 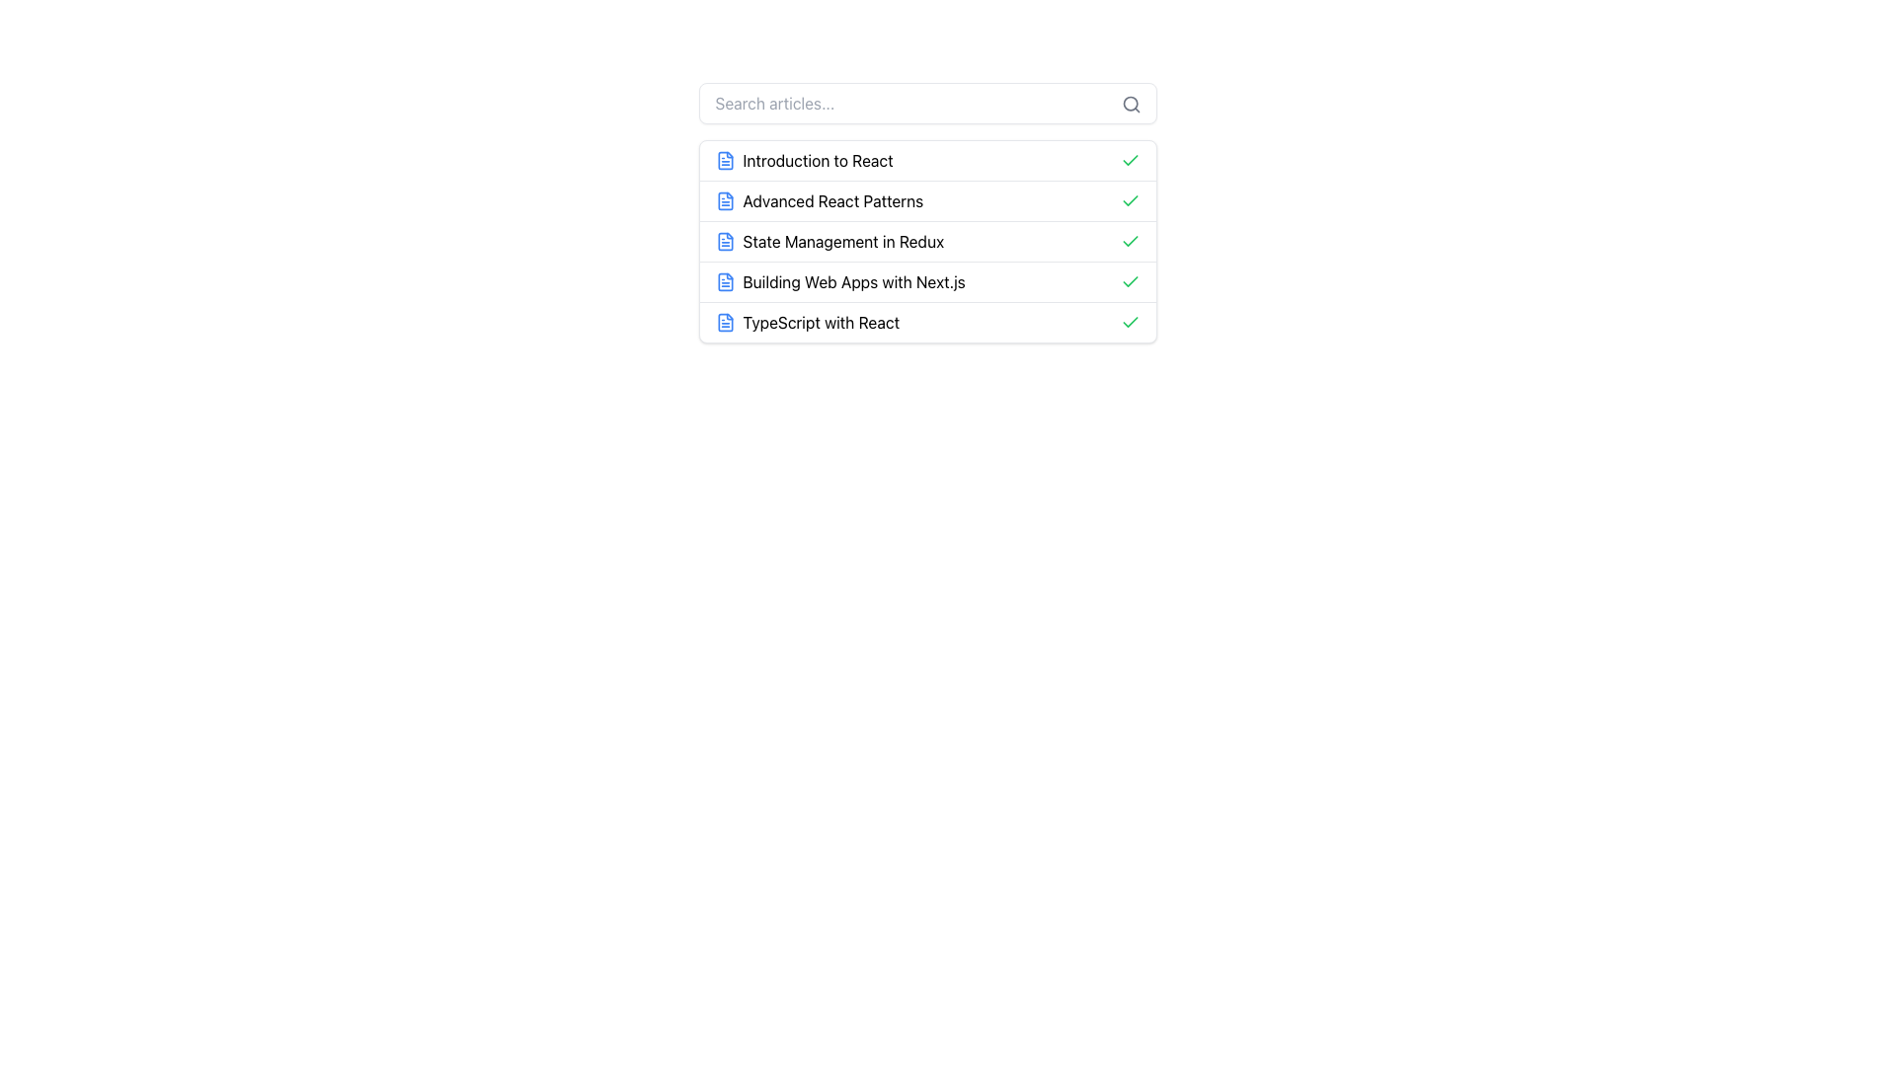 I want to click on the list item labeled 'Advanced React Patterns' which is the second item in a vertically stacked list, so click(x=926, y=200).